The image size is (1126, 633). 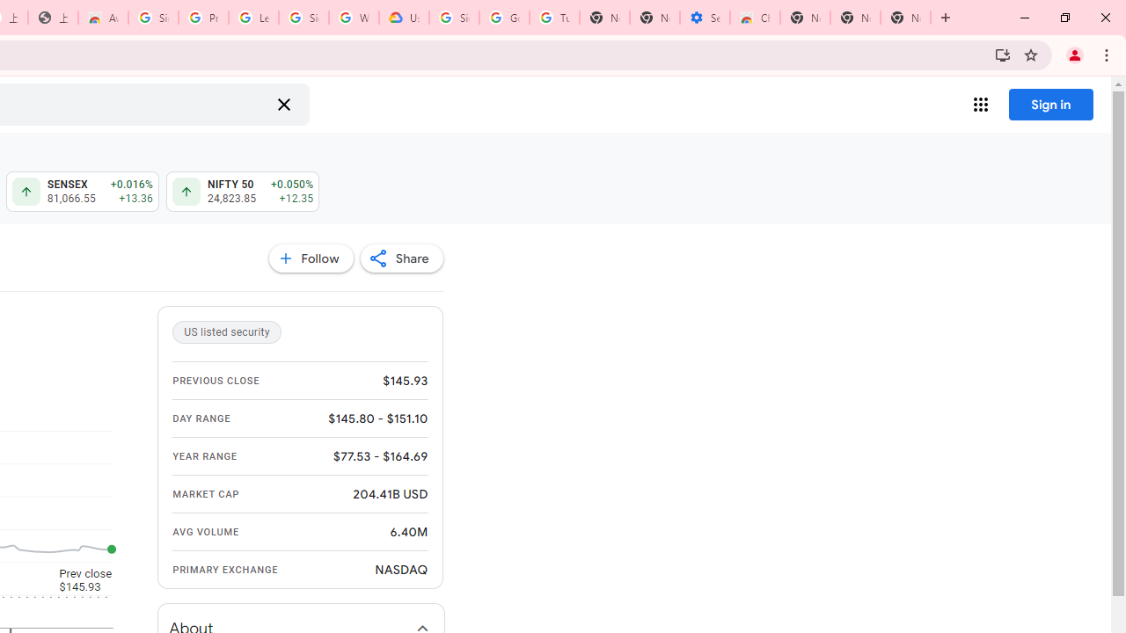 I want to click on 'Clear search', so click(x=283, y=104).